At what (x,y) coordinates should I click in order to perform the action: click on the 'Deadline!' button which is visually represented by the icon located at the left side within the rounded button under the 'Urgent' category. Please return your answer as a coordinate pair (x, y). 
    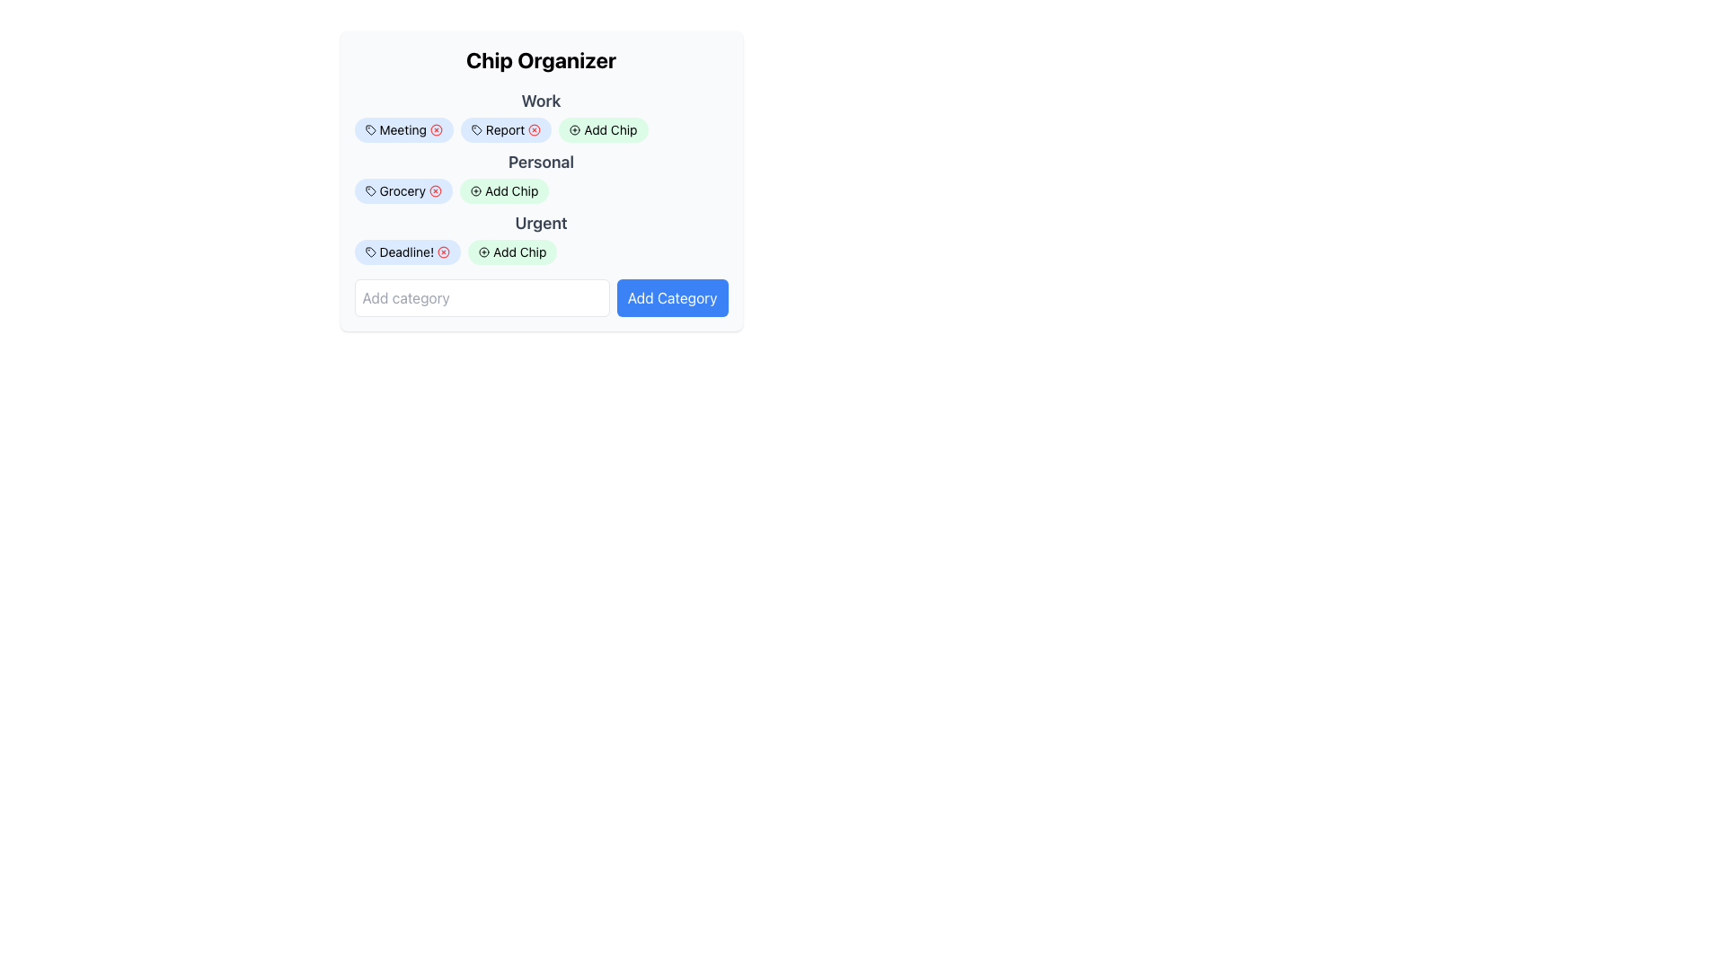
    Looking at the image, I should click on (369, 252).